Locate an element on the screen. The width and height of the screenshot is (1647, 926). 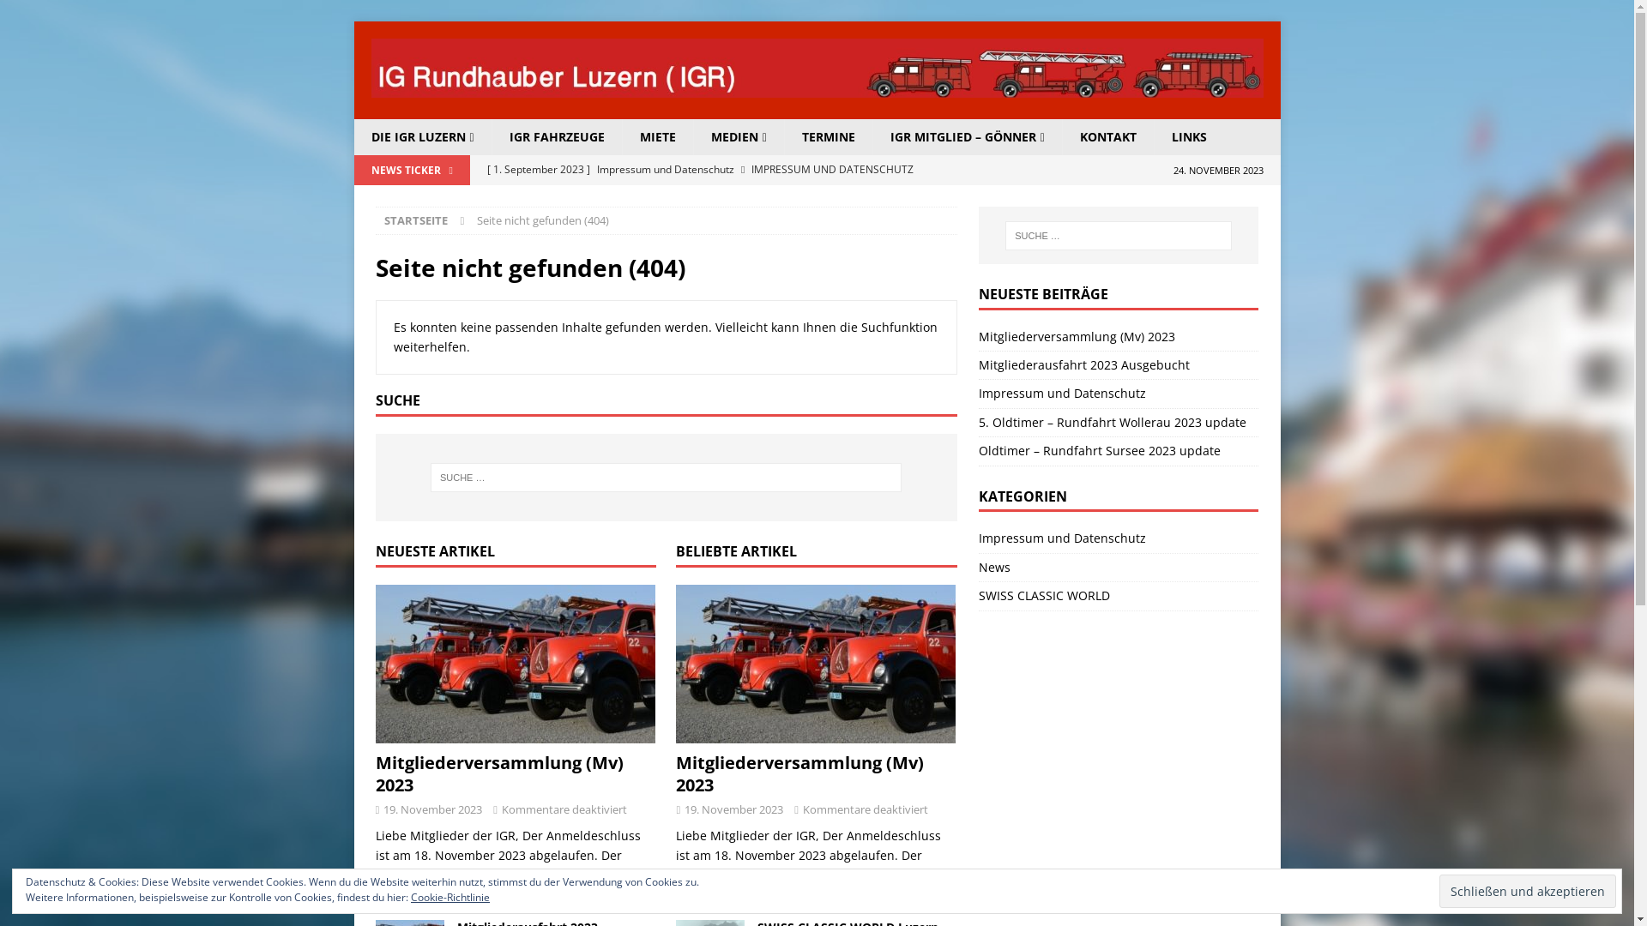
'IGR FAHRZEUGE' is located at coordinates (556, 135).